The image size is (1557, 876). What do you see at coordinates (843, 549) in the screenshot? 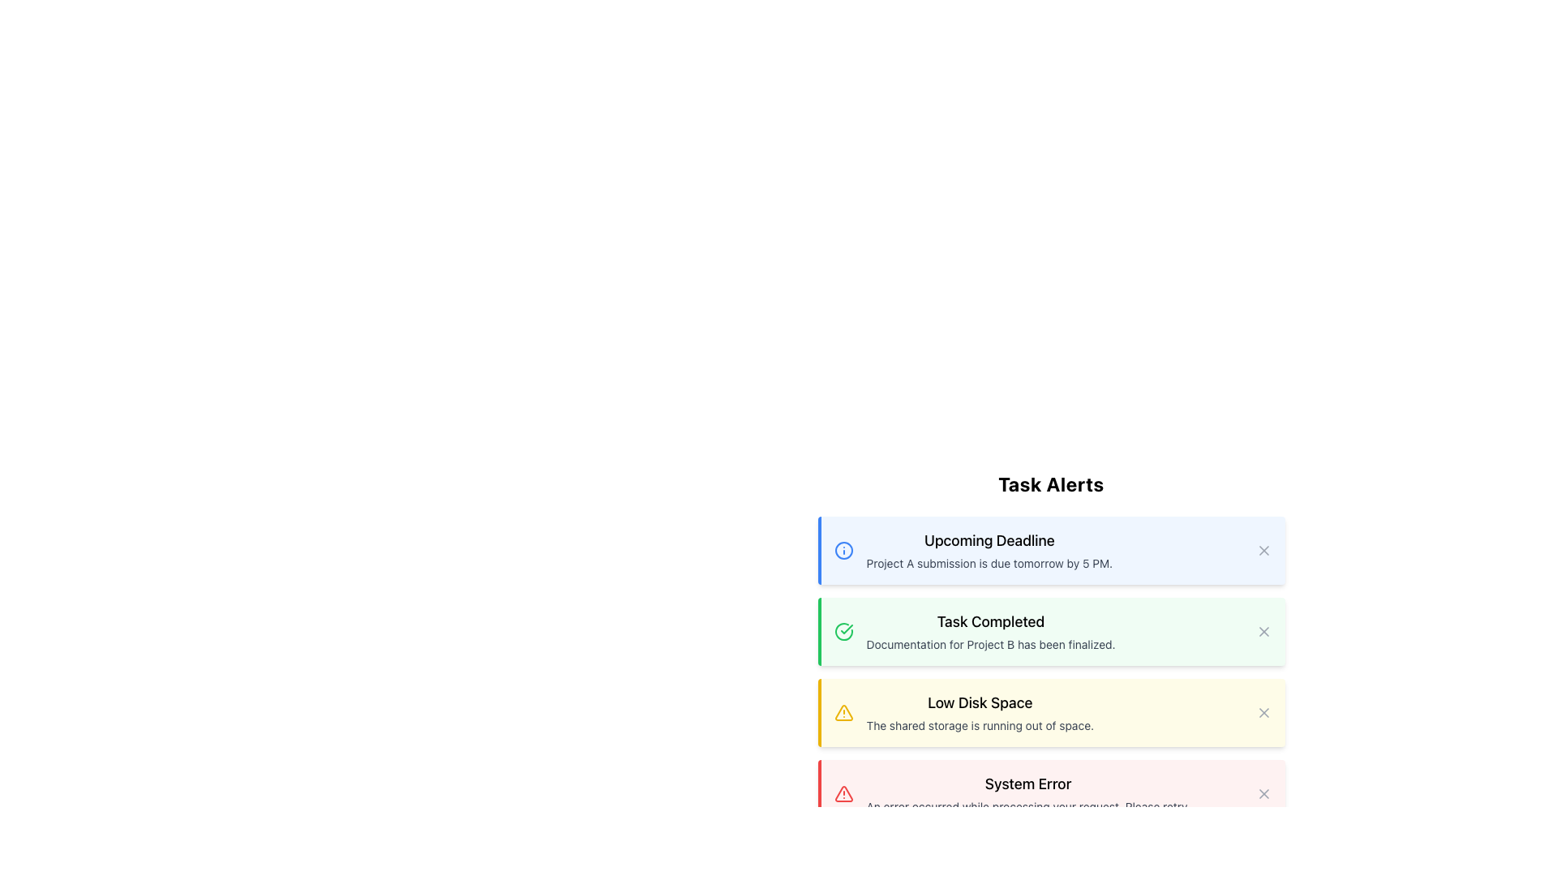
I see `the circular blue icon on the left of the 'Upcoming Deadline' section` at bounding box center [843, 549].